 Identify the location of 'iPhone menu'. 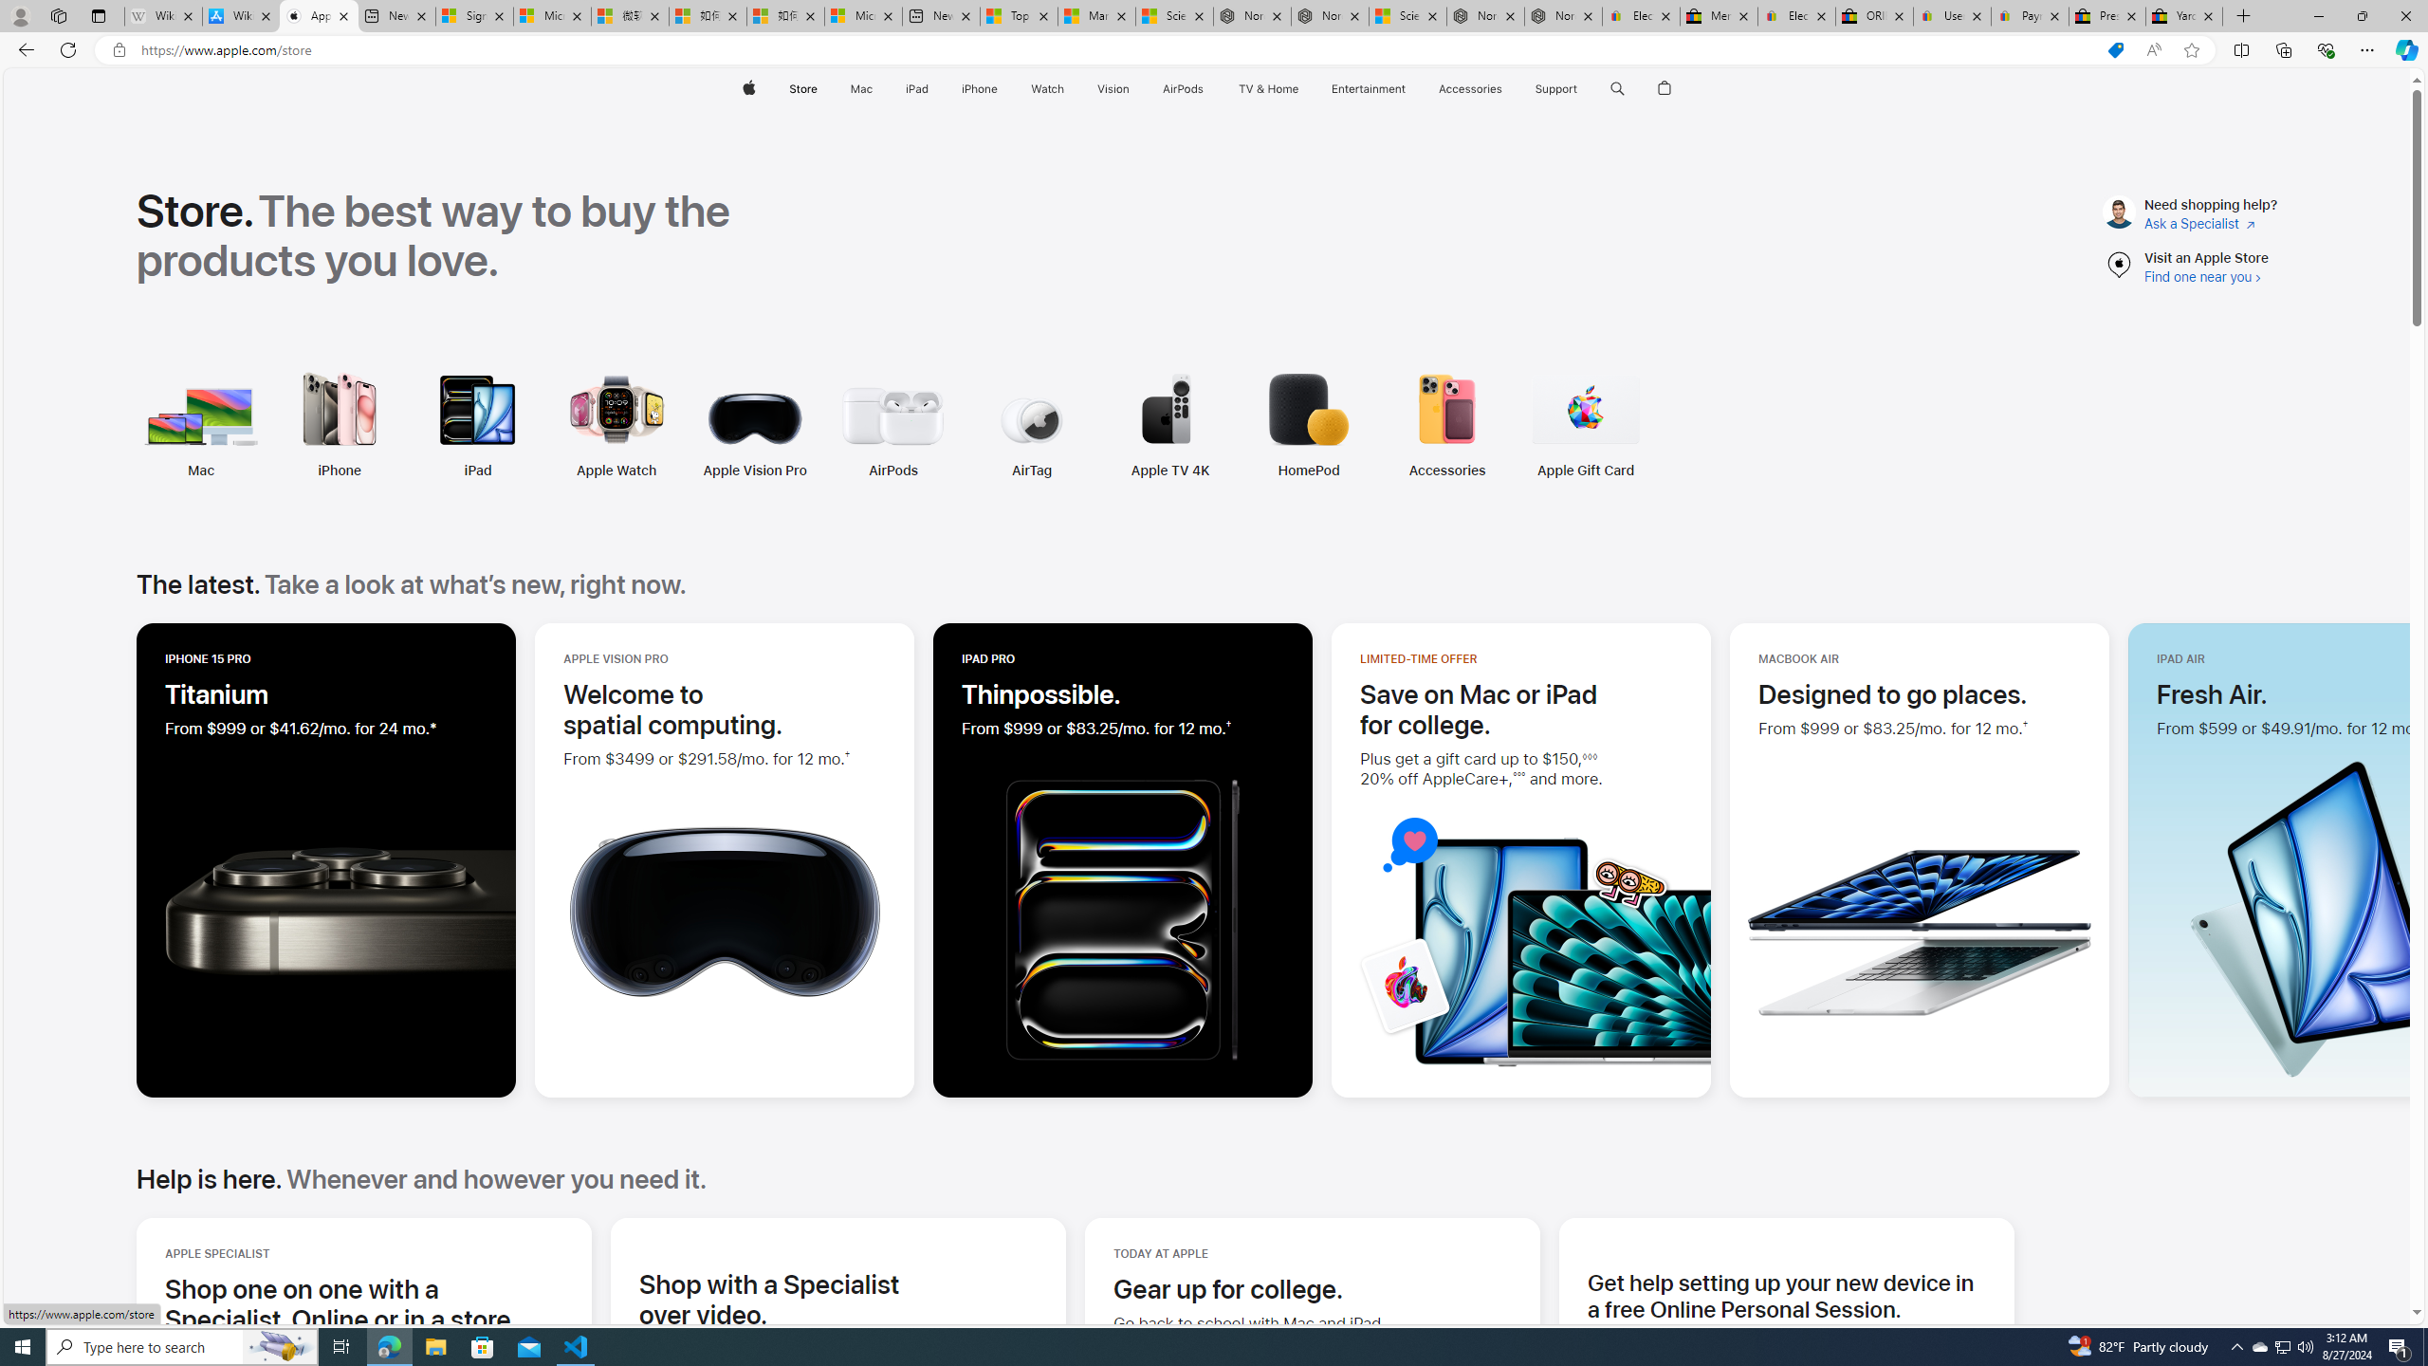
(1001, 88).